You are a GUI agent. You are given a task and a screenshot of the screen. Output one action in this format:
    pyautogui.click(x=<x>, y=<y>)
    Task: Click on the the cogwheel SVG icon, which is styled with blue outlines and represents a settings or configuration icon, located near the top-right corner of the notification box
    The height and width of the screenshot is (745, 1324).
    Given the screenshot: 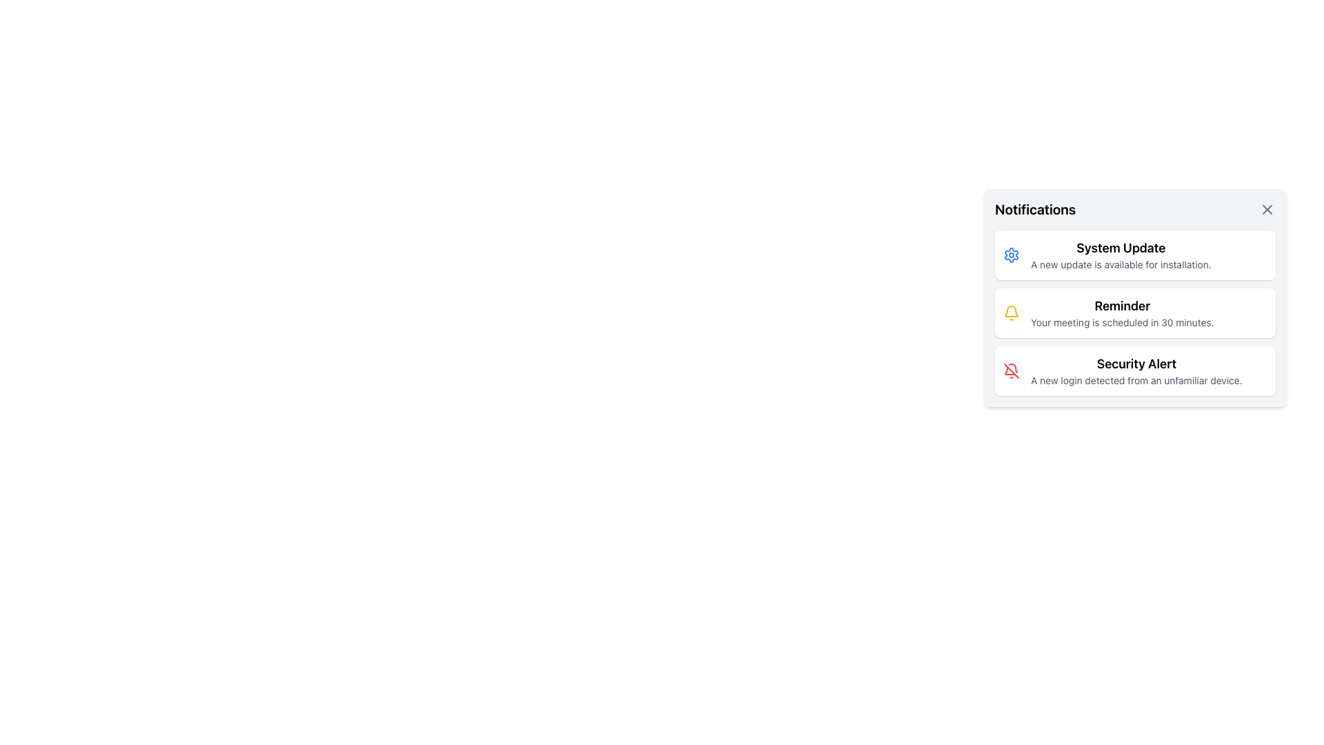 What is the action you would take?
    pyautogui.click(x=1012, y=255)
    